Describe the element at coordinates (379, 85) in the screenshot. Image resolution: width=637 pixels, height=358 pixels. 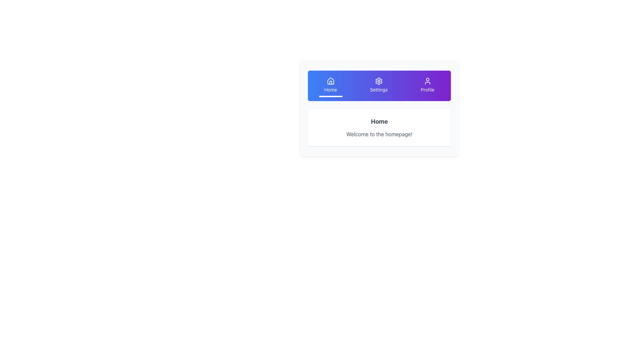
I see `the Navigation Bar` at that location.